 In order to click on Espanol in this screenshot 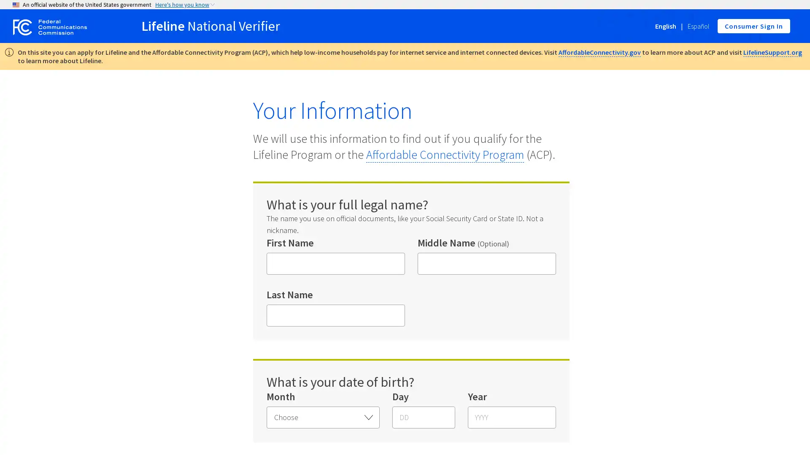, I will do `click(699, 26)`.